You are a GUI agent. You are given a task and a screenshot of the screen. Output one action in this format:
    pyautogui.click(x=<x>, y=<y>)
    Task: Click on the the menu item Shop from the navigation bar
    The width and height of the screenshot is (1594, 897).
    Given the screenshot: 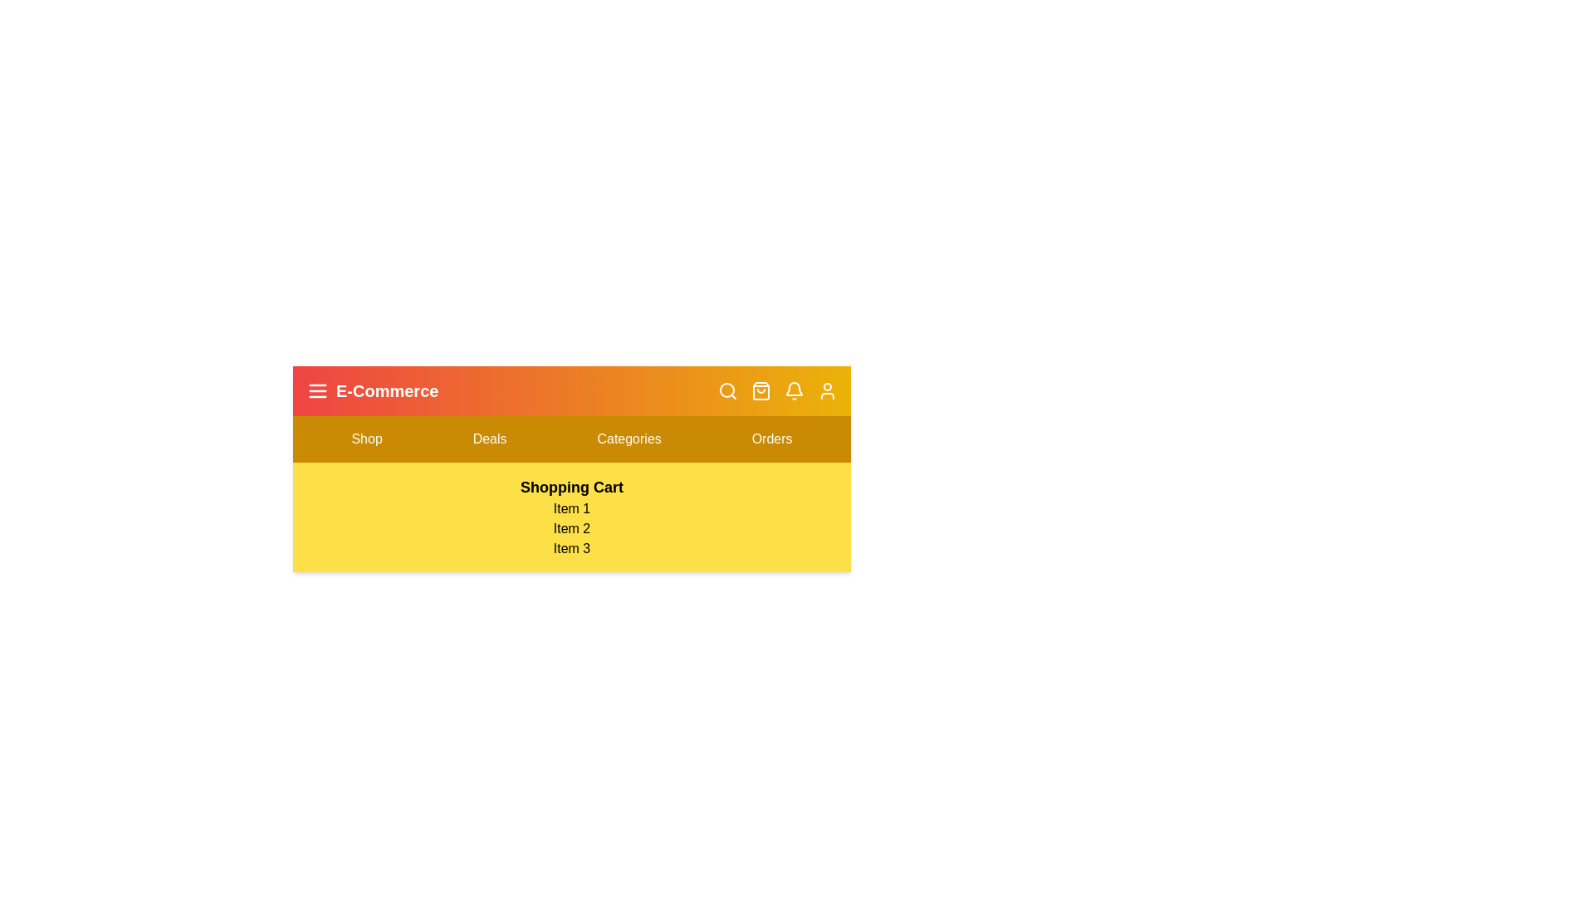 What is the action you would take?
    pyautogui.click(x=365, y=438)
    